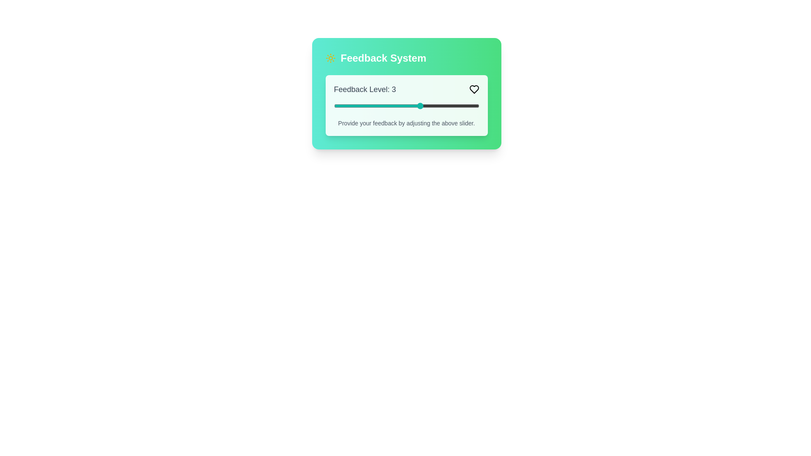 The image size is (811, 456). I want to click on the feedback slider to set the feedback level to 3, so click(421, 105).